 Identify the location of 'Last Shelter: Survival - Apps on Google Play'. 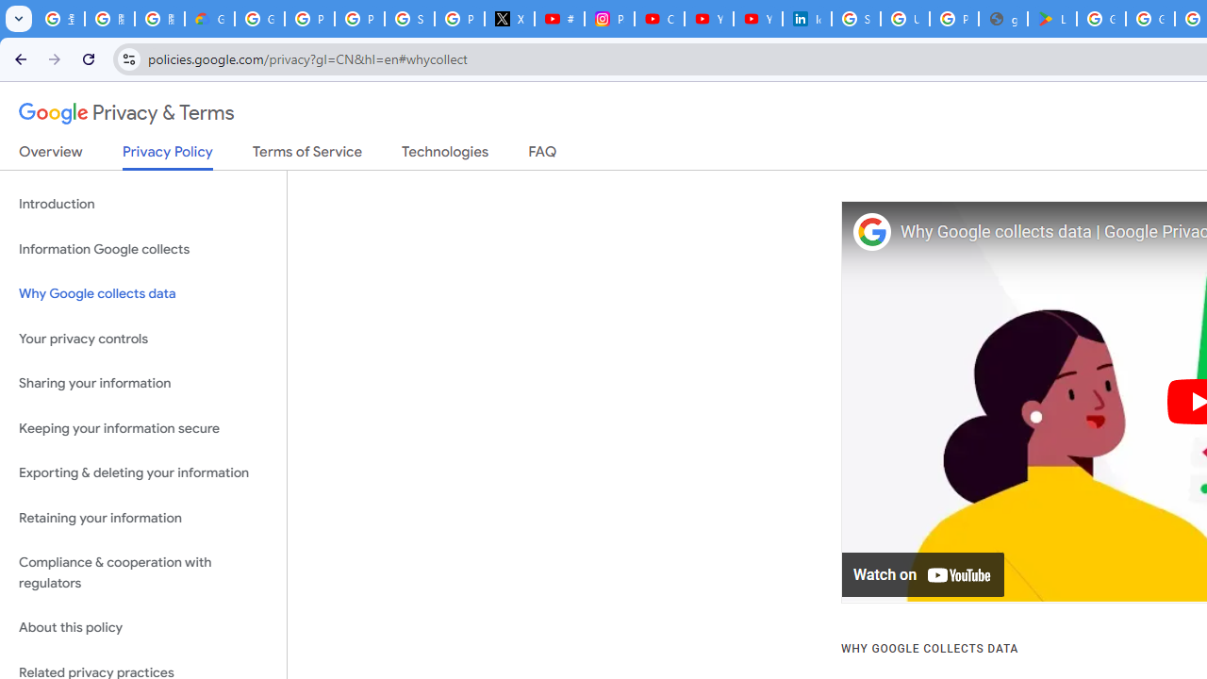
(1051, 19).